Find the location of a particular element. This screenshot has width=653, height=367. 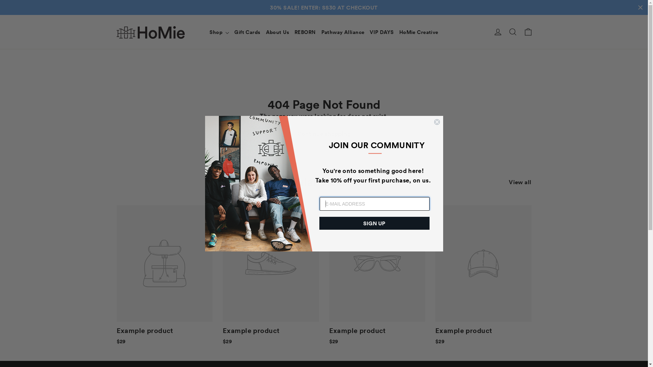

'Cart' is located at coordinates (527, 17).